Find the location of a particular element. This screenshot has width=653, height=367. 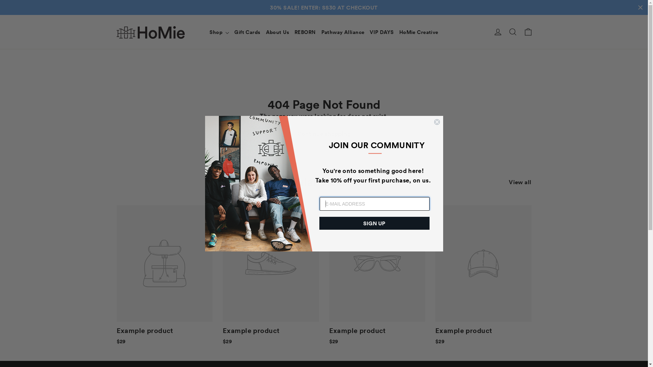

'Cart' is located at coordinates (527, 17).